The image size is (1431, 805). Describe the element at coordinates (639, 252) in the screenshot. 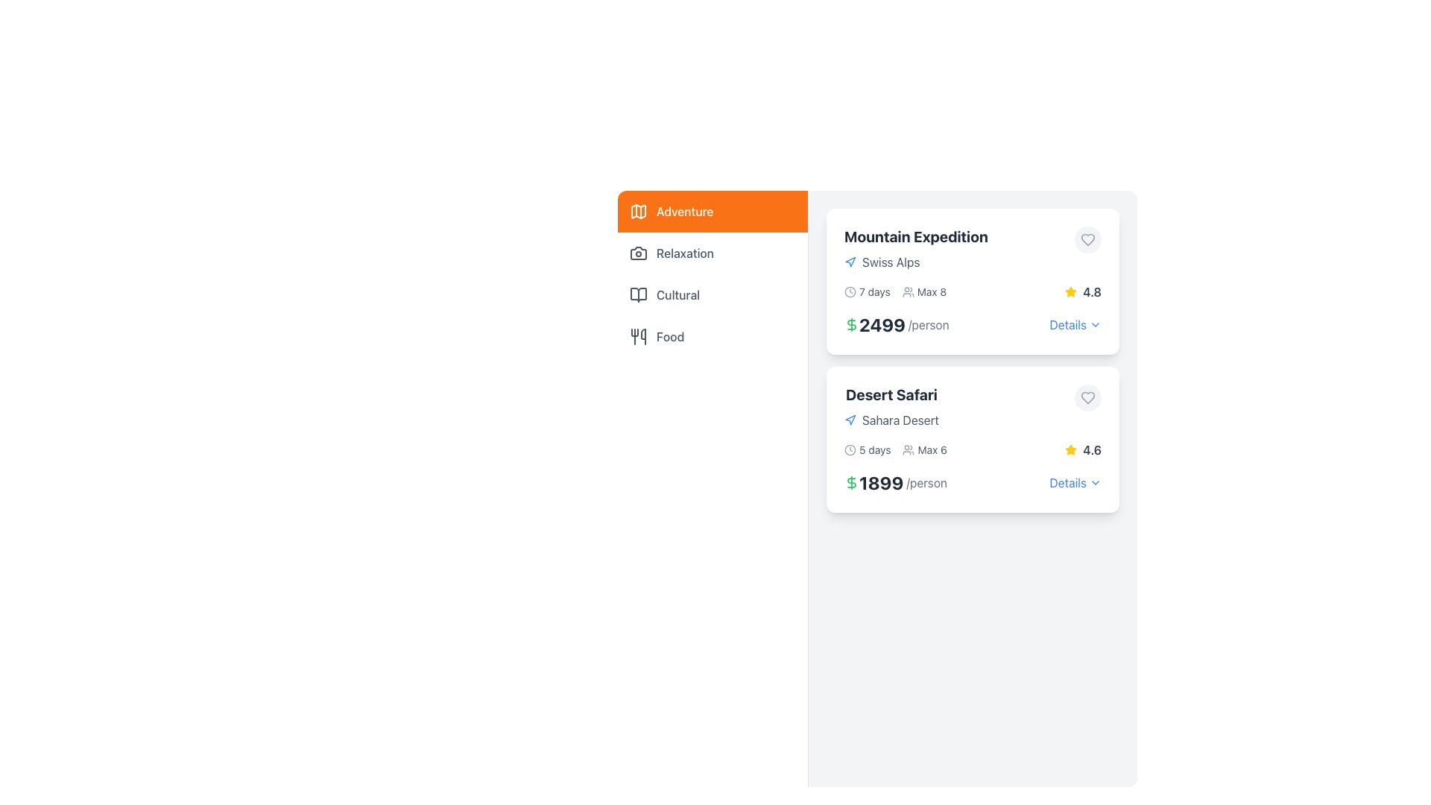

I see `the camera icon located in the sidebar's menu, which is the left-most icon for the 'Relaxation' menu item, styled in monochrome with a rectangular body and circular lens` at that location.